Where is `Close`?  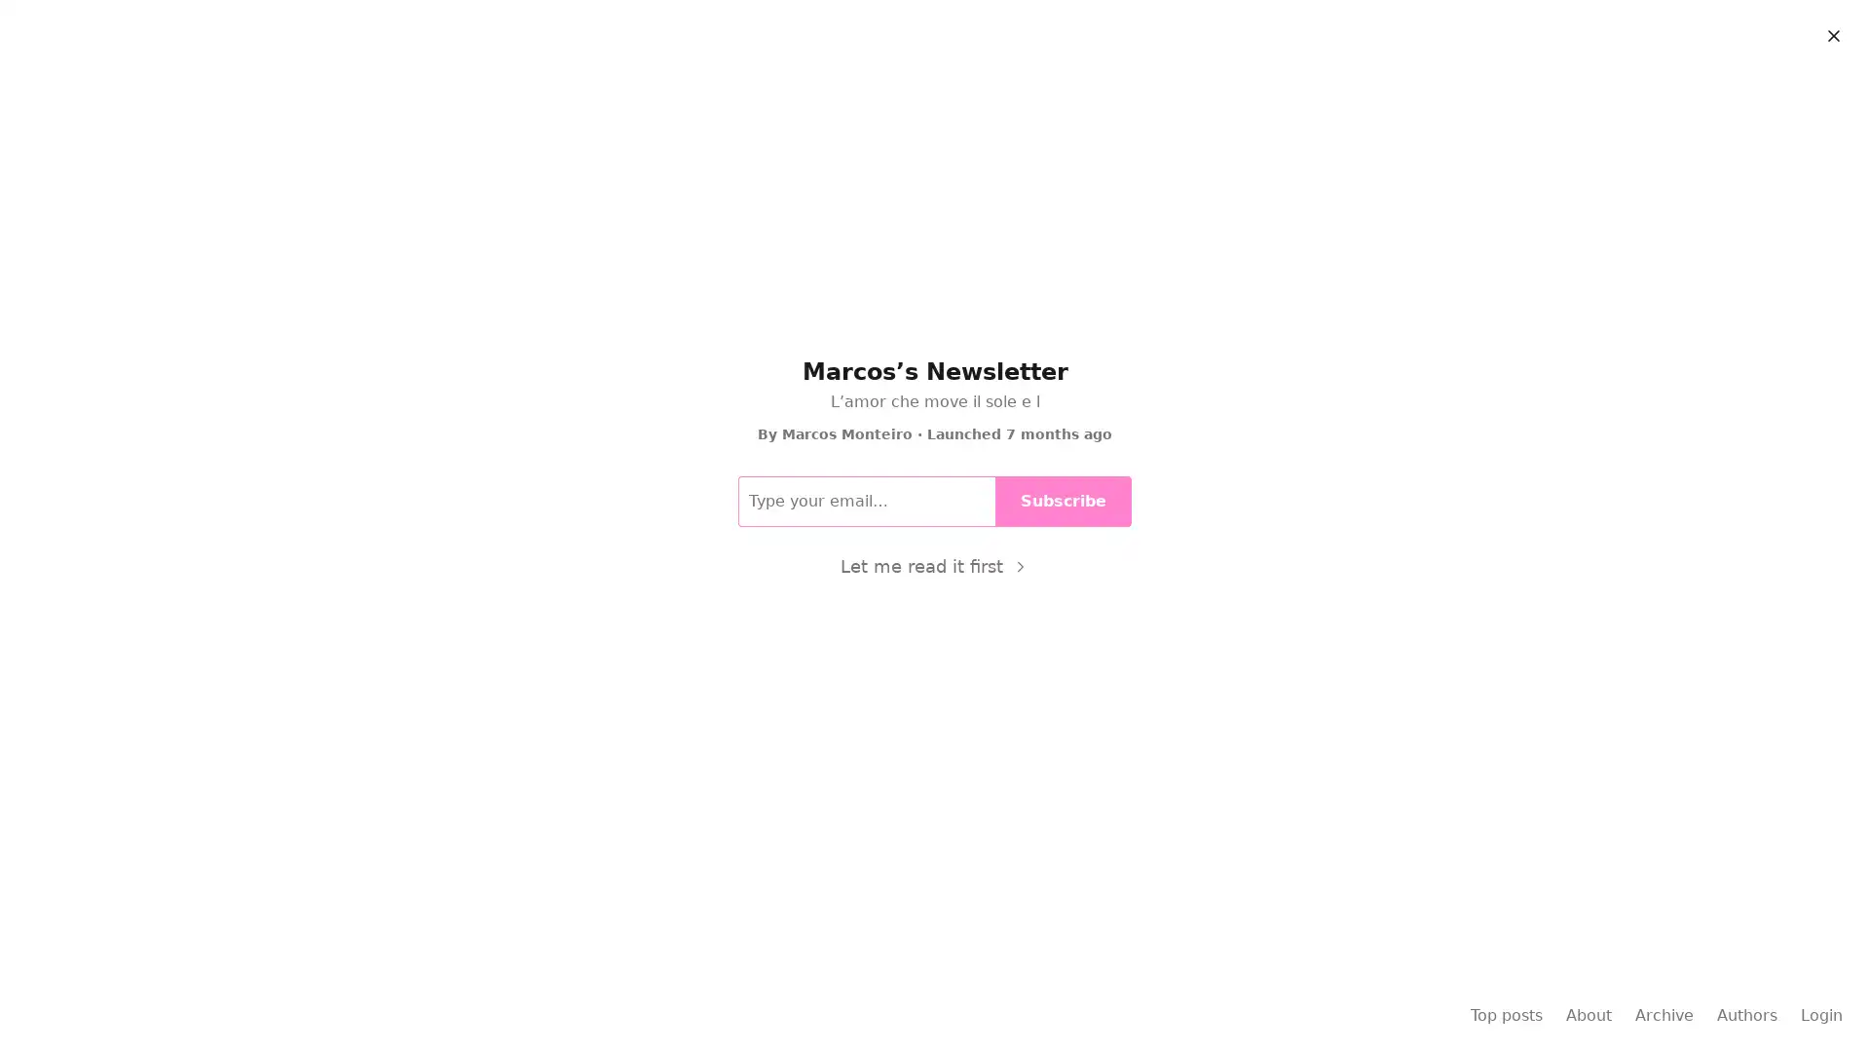
Close is located at coordinates (1832, 36).